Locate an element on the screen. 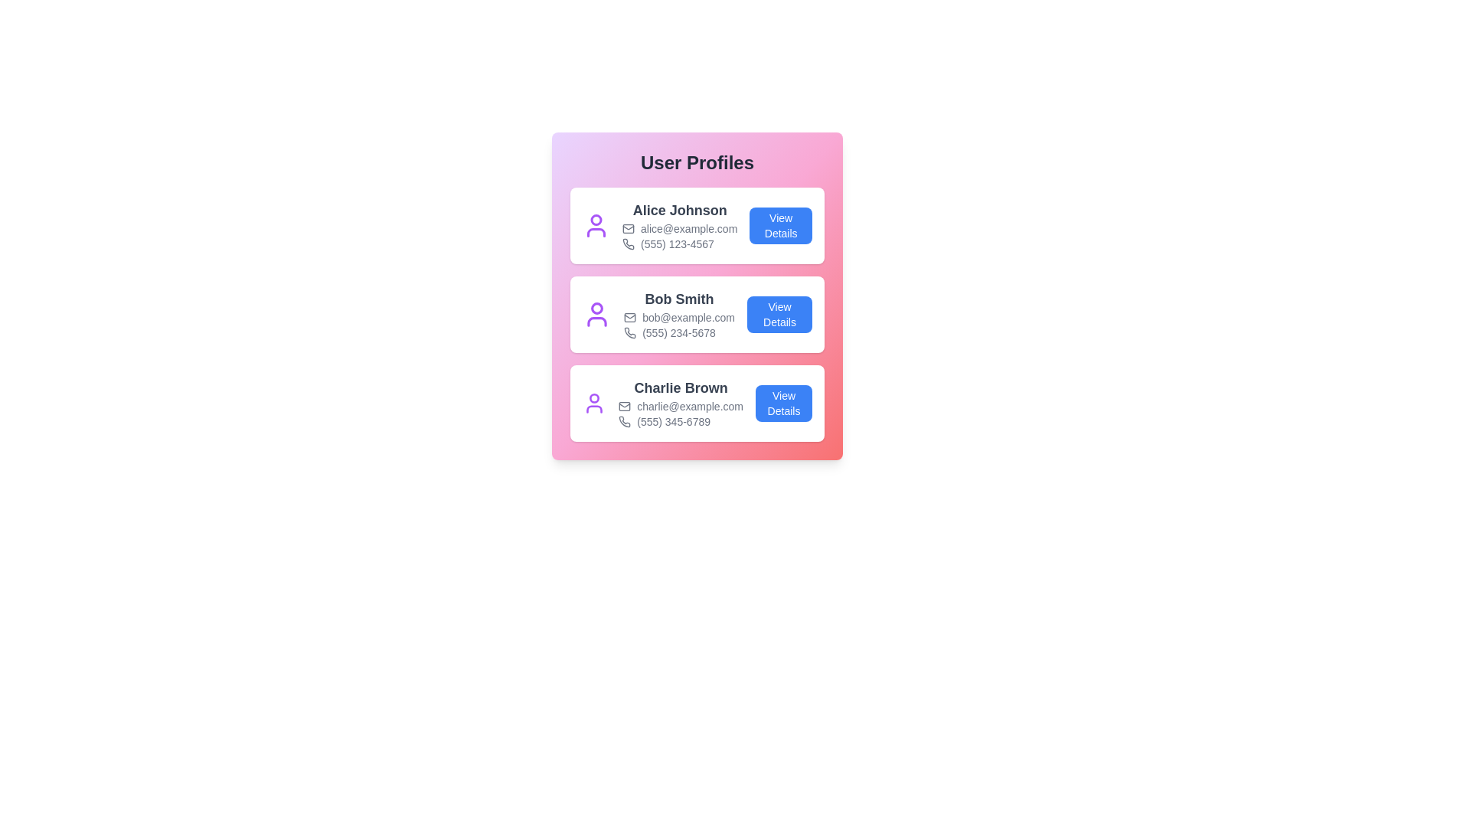 The image size is (1470, 827). 'View Details' button for the user profile of Bob Smith is located at coordinates (779, 314).